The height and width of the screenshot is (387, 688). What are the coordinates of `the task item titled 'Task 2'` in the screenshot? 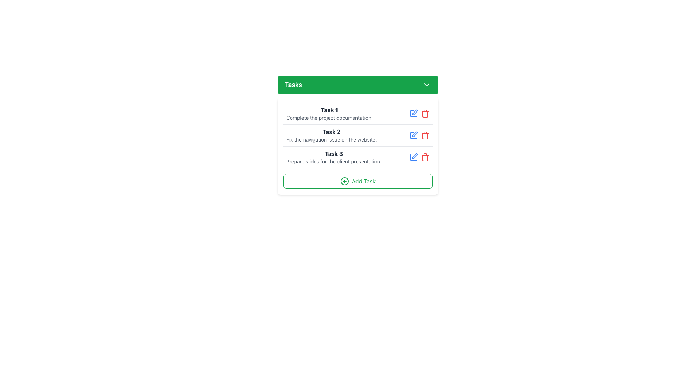 It's located at (358, 135).